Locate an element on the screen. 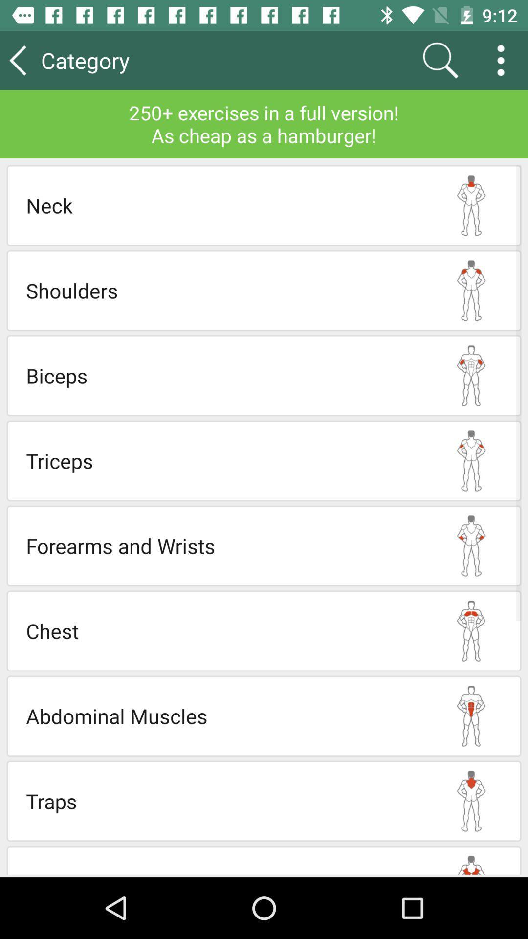  forearms and wrists app is located at coordinates (223, 545).